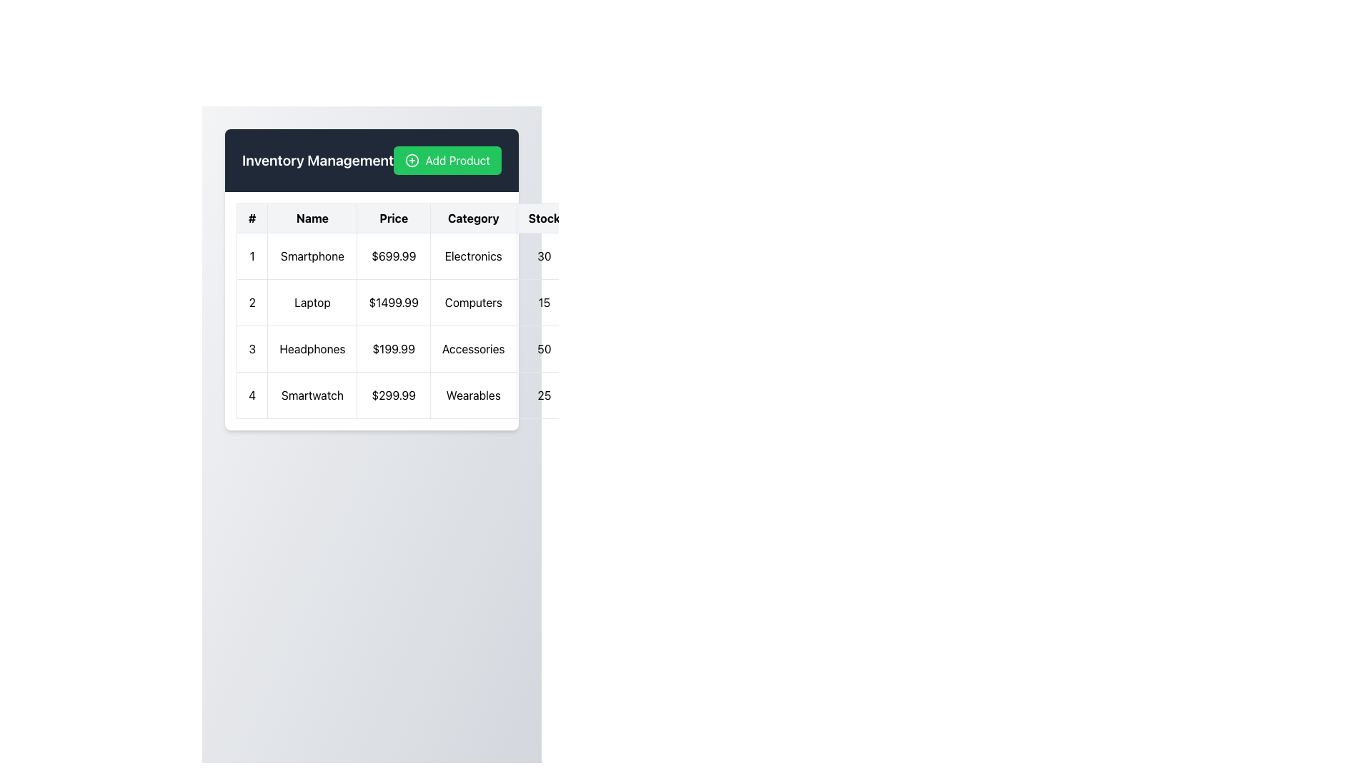 The image size is (1372, 771). Describe the element at coordinates (543, 218) in the screenshot. I see `the 'Stock' table header` at that location.